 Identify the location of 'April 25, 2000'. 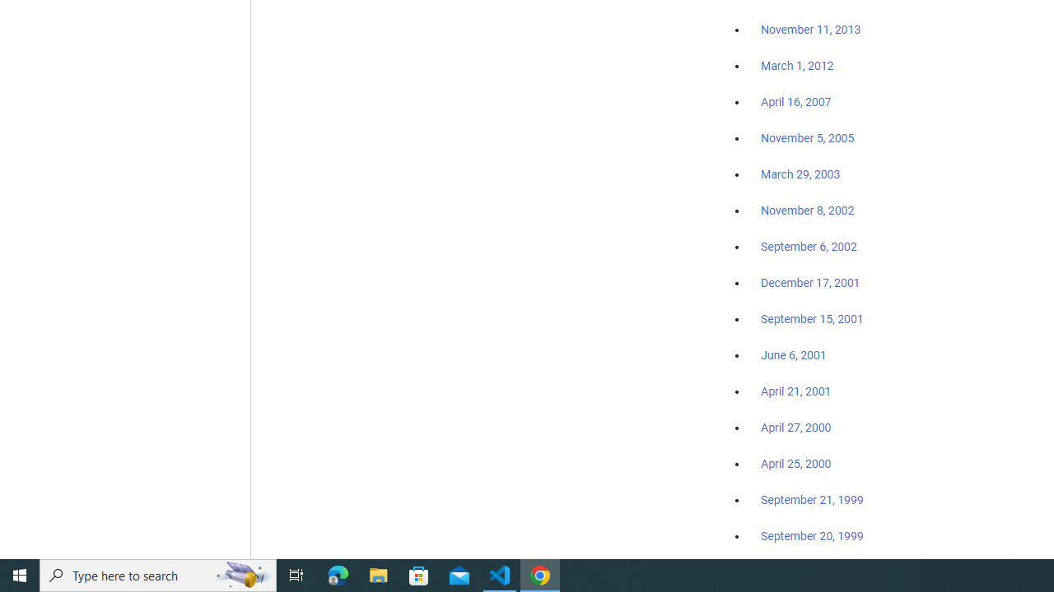
(796, 464).